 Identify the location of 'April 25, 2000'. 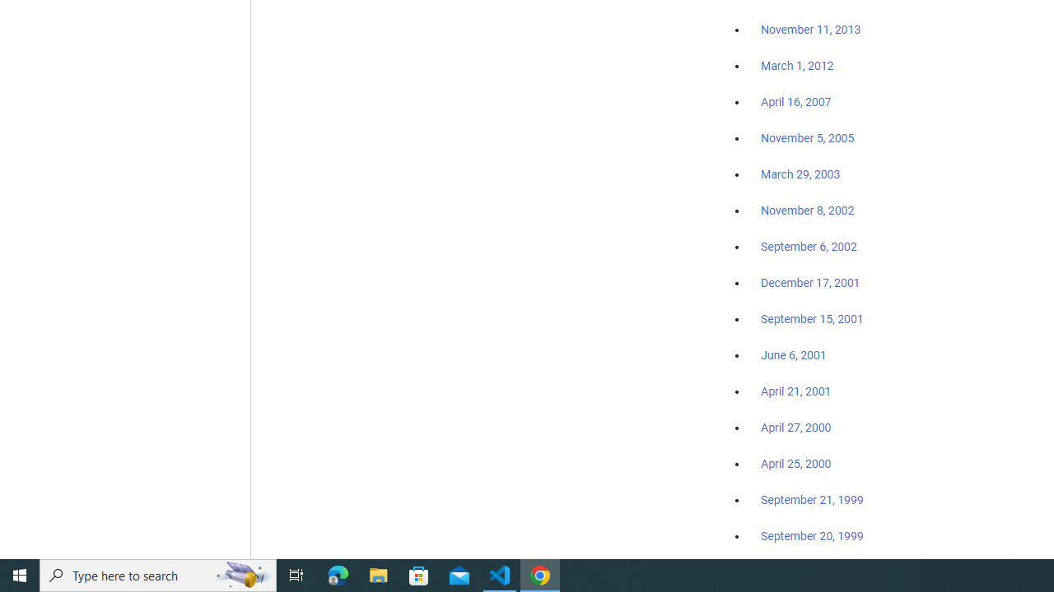
(796, 464).